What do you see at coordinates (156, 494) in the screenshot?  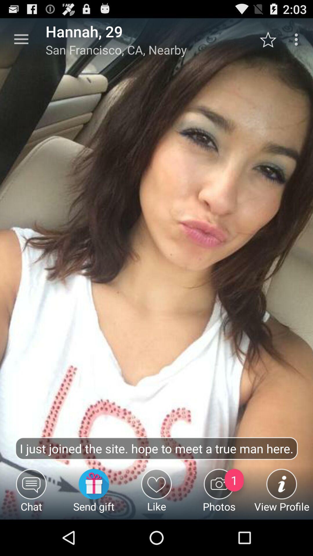 I see `icon to the left of the photos item` at bounding box center [156, 494].